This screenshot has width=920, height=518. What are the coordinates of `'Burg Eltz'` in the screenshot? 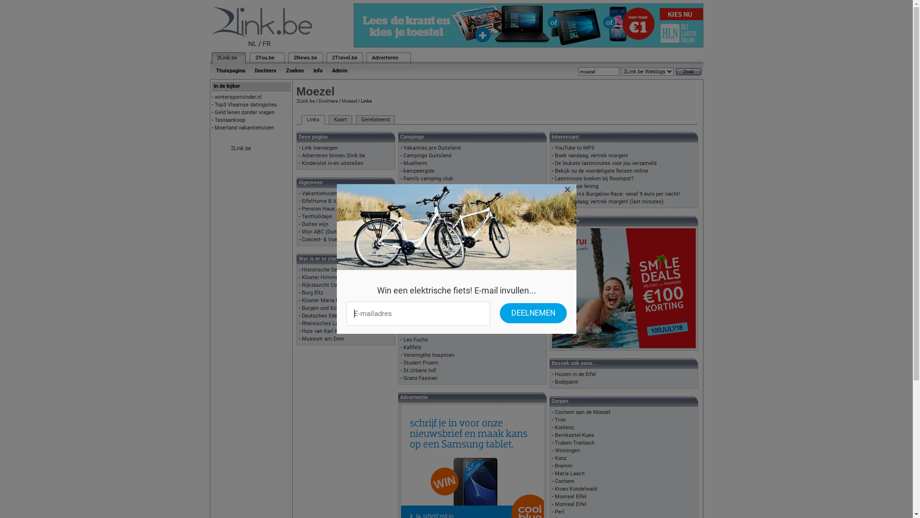 It's located at (312, 292).